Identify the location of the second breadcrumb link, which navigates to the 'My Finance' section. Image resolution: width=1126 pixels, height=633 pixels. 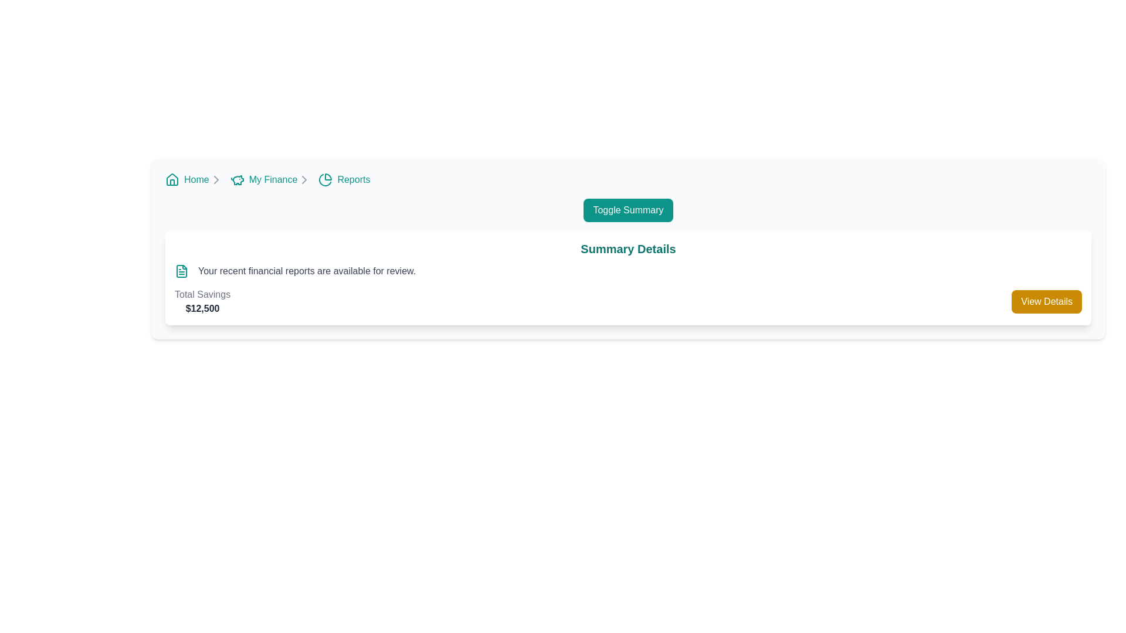
(270, 180).